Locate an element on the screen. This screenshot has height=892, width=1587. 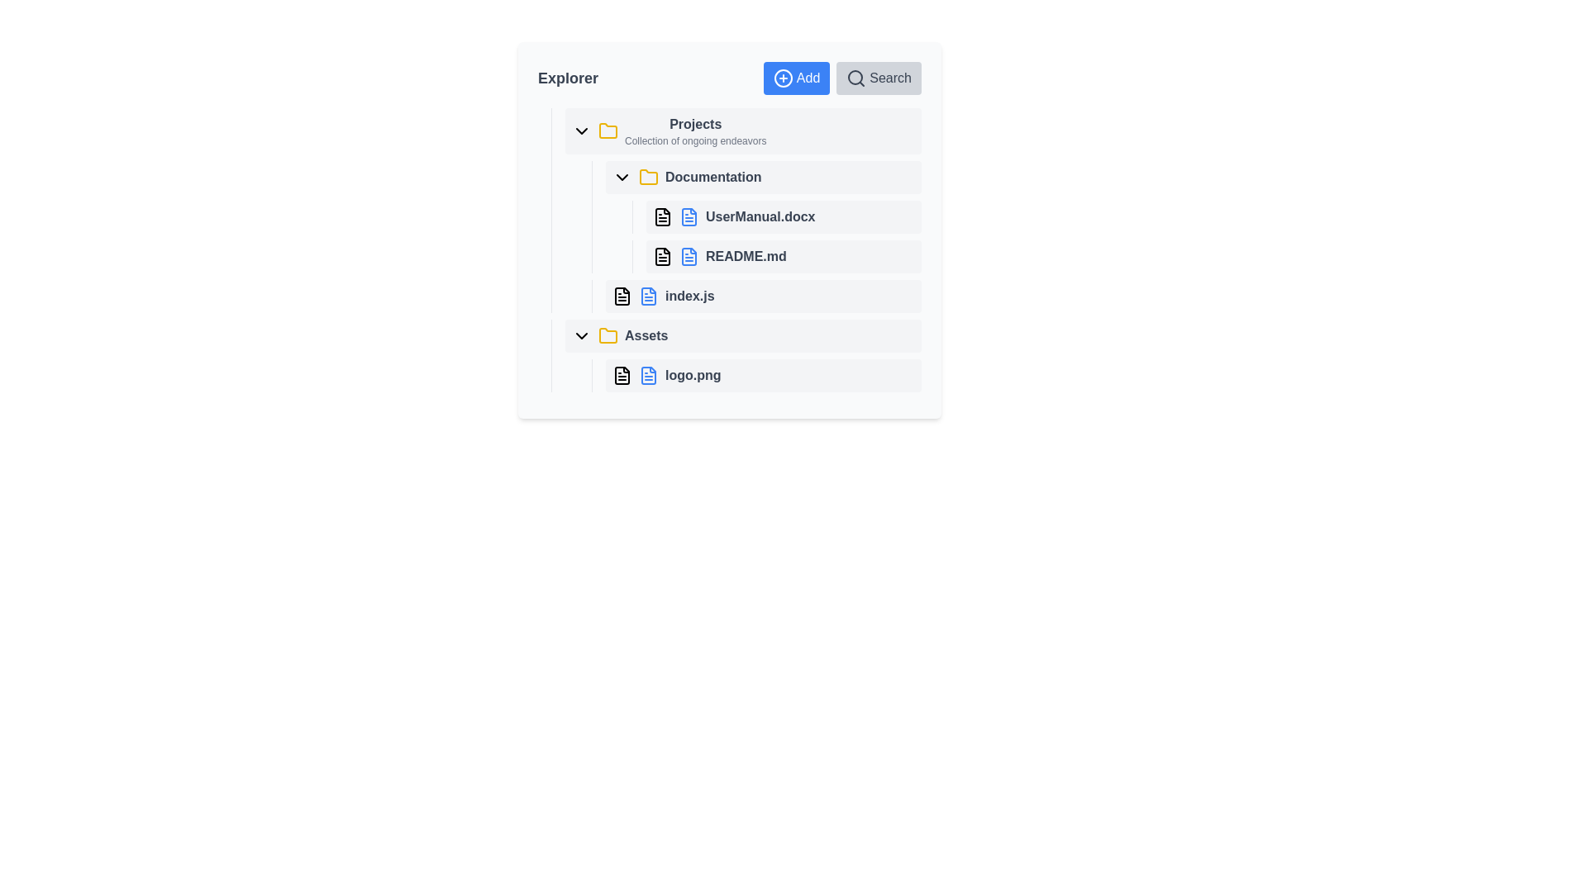
the file icon representing 'index.js' is located at coordinates (648, 295).